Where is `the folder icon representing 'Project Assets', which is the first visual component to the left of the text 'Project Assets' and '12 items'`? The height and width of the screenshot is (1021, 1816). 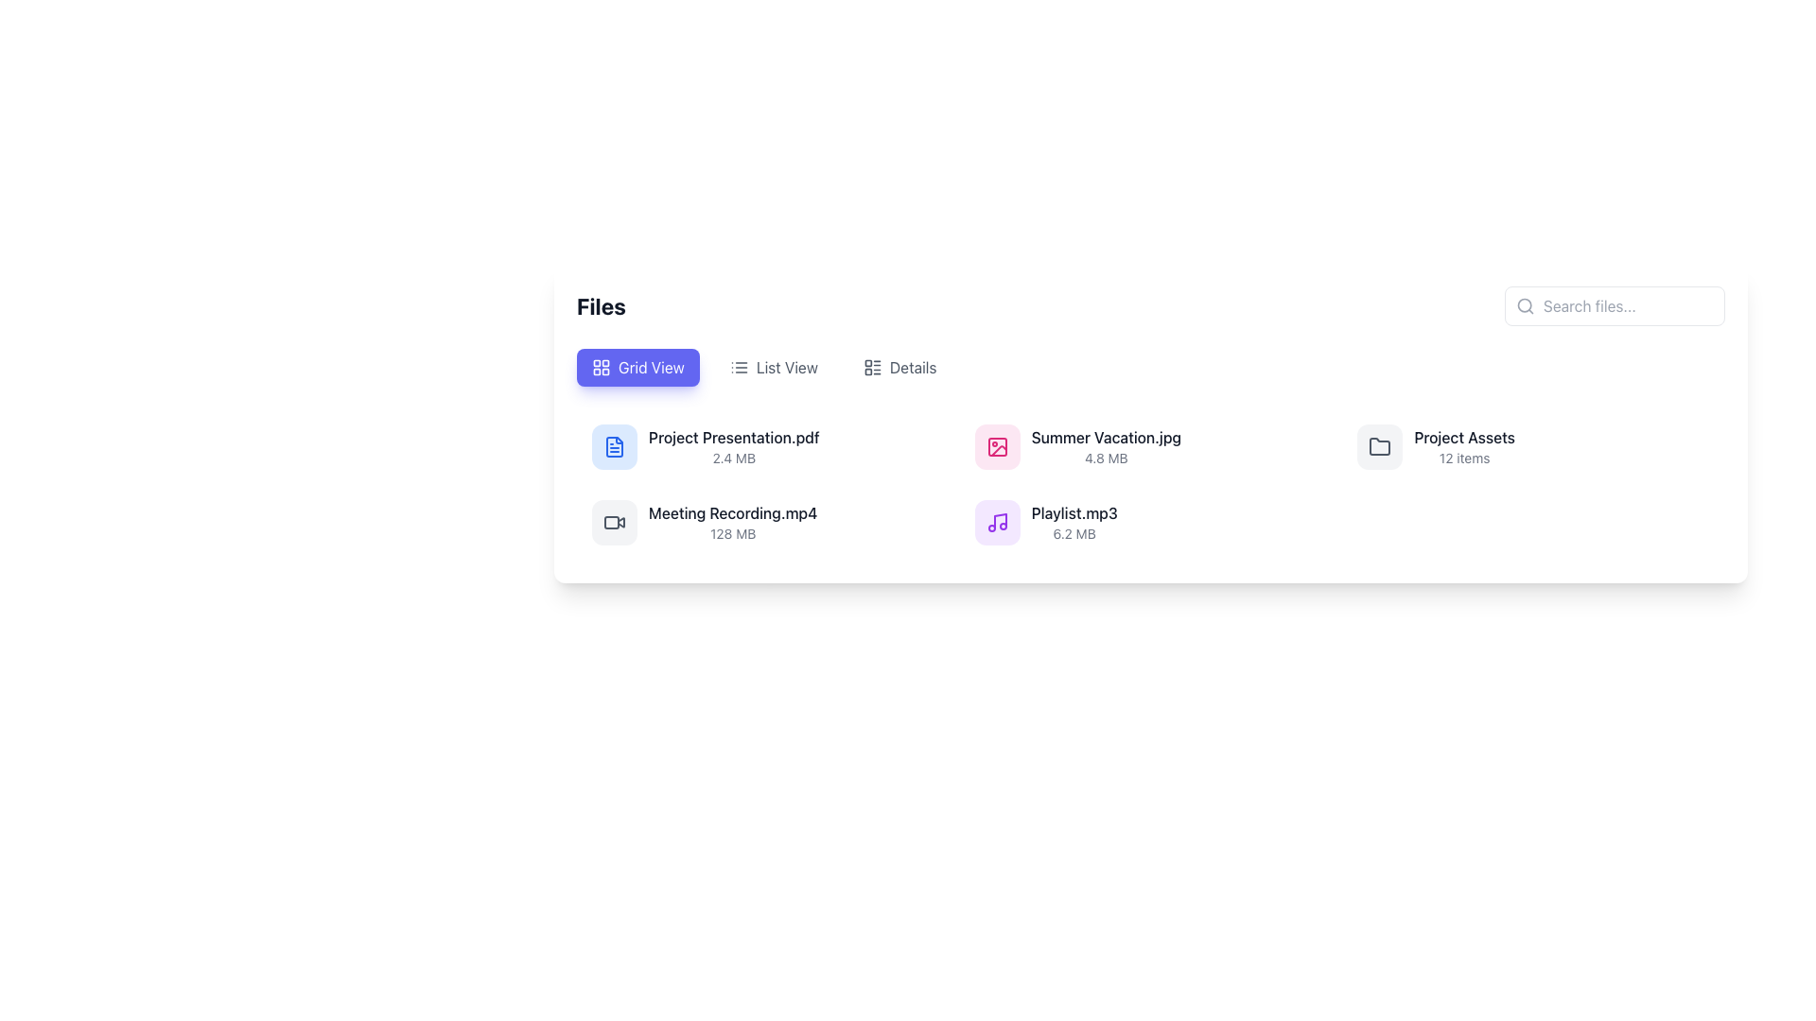
the folder icon representing 'Project Assets', which is the first visual component to the left of the text 'Project Assets' and '12 items' is located at coordinates (1380, 447).